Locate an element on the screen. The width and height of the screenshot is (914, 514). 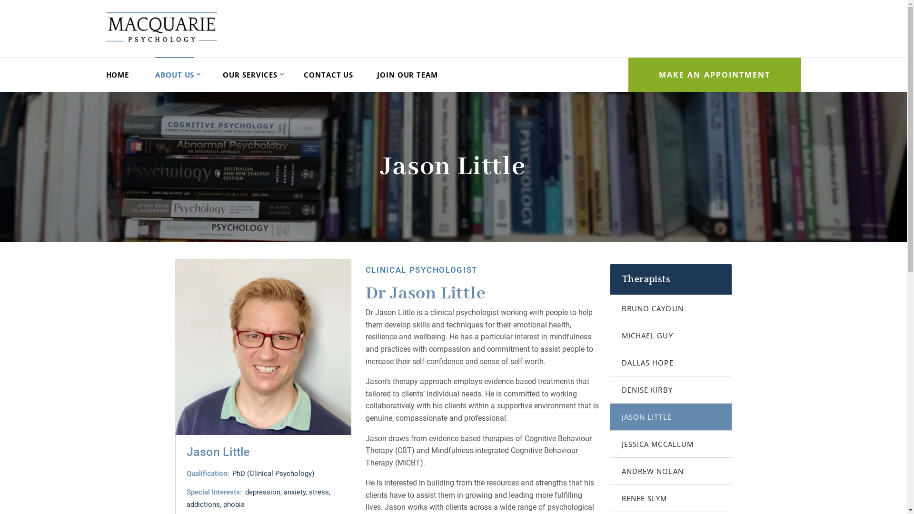
'JOIN OUR TEAM' is located at coordinates (407, 74).